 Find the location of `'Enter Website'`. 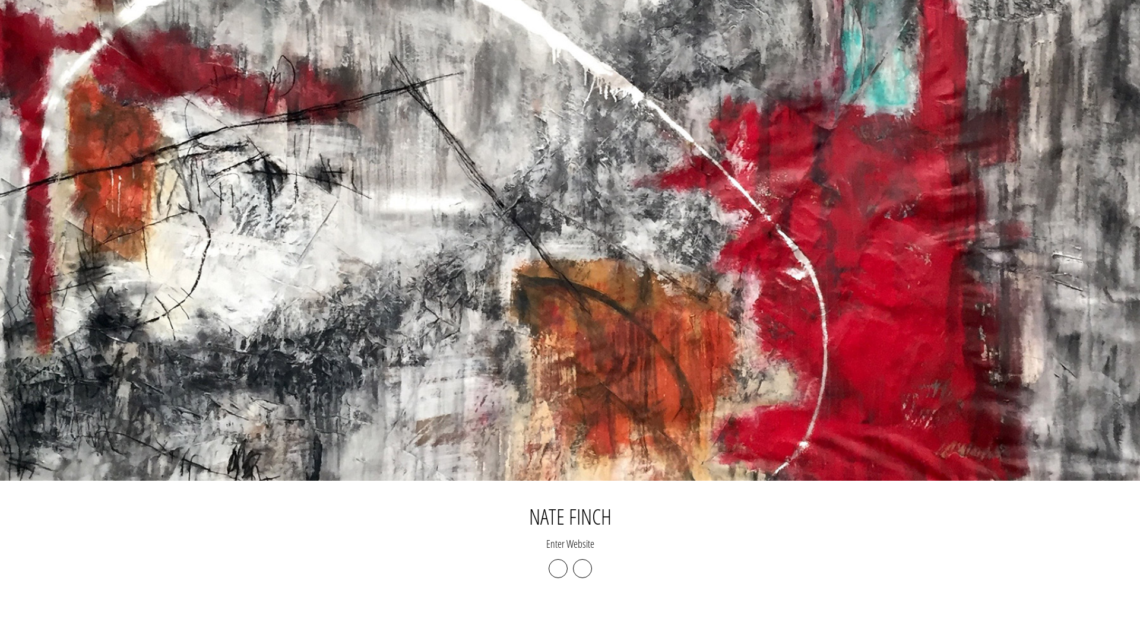

'Enter Website' is located at coordinates (570, 544).